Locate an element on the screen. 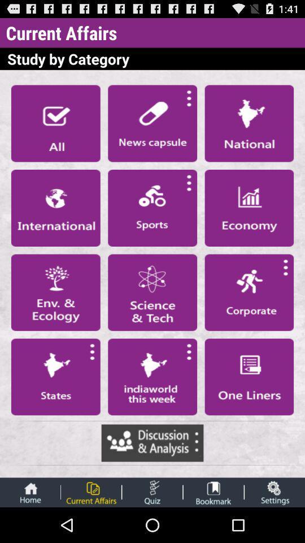 The width and height of the screenshot is (305, 543). open curent affairs category is located at coordinates (90, 492).